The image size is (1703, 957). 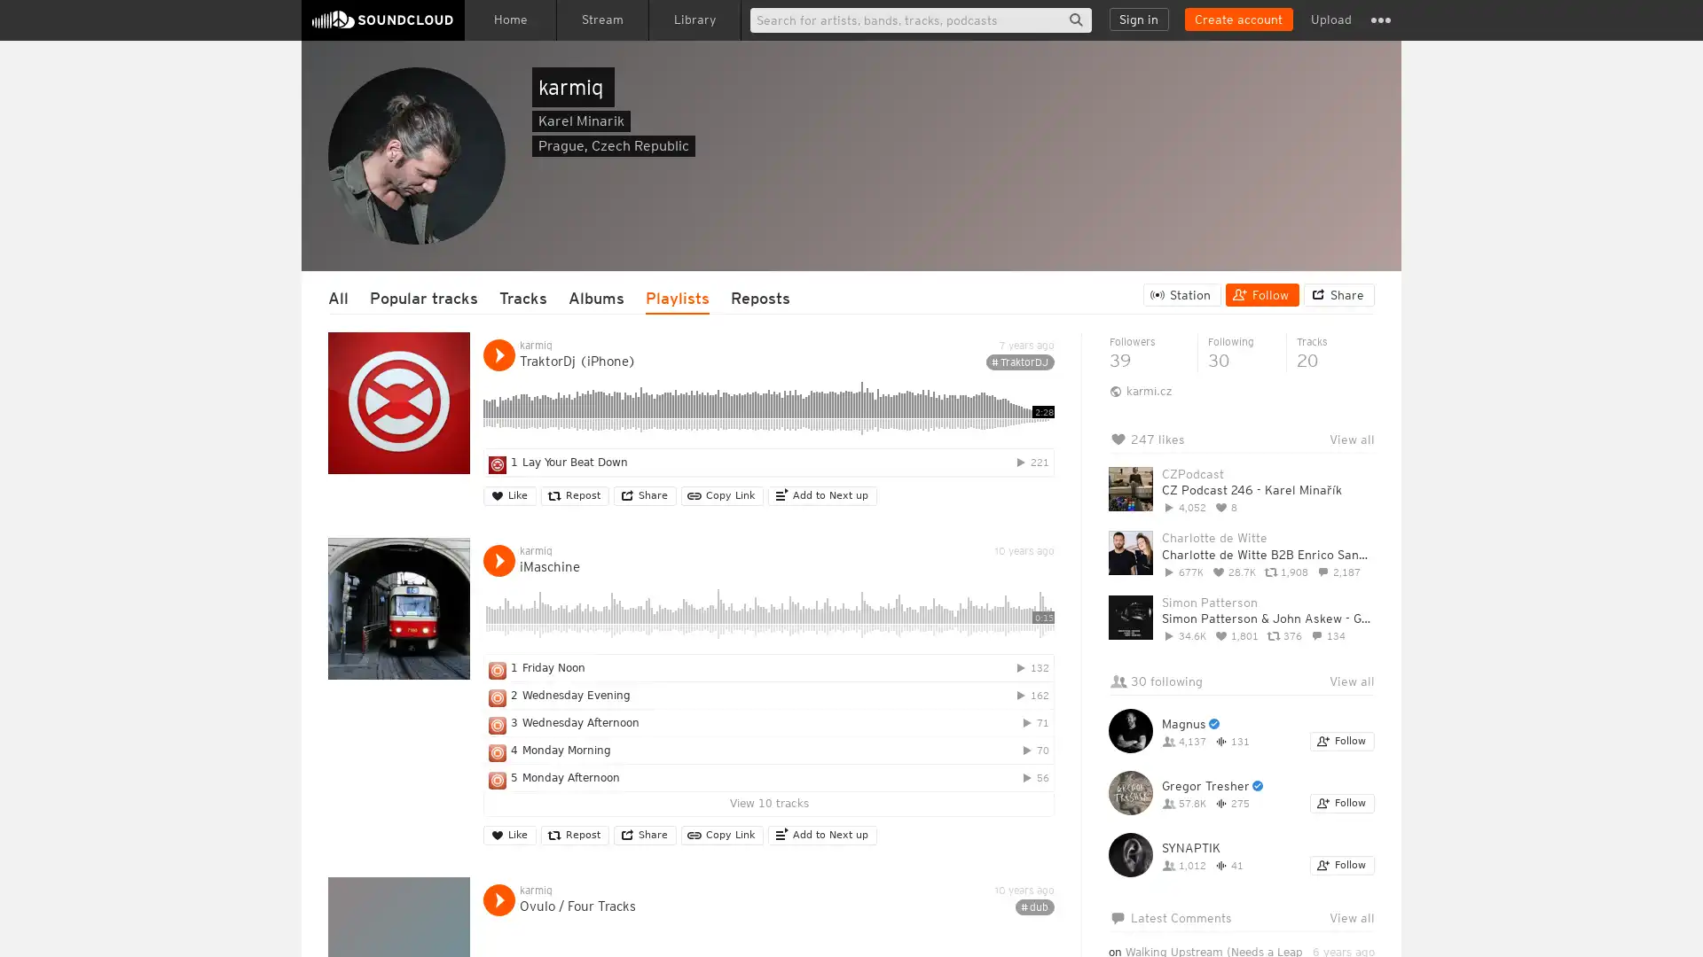 What do you see at coordinates (1075, 19) in the screenshot?
I see `Search` at bounding box center [1075, 19].